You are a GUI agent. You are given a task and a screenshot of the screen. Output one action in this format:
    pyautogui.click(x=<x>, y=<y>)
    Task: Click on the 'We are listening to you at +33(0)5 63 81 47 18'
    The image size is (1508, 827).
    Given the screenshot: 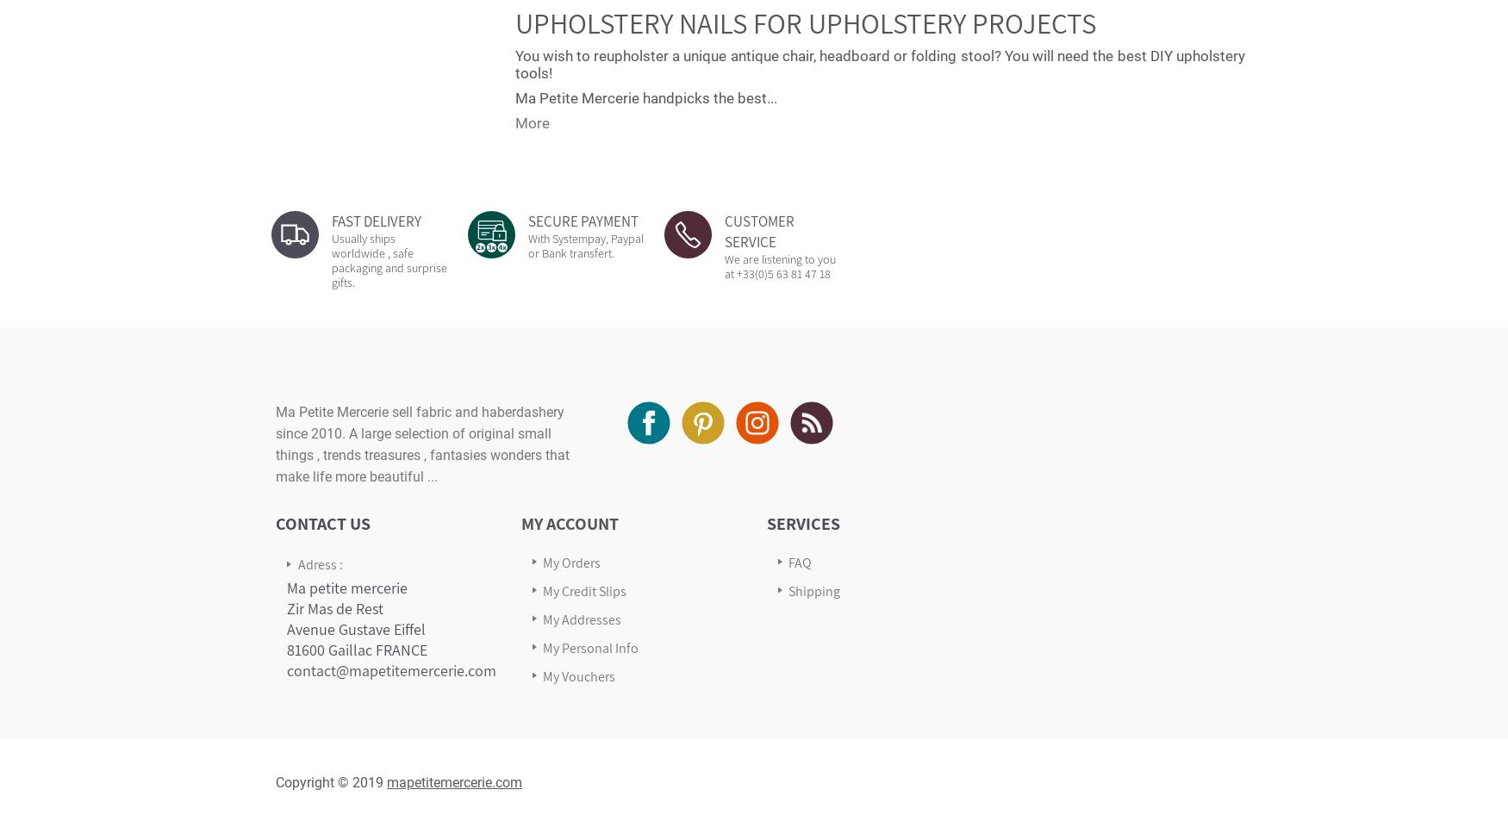 What is the action you would take?
    pyautogui.click(x=779, y=266)
    